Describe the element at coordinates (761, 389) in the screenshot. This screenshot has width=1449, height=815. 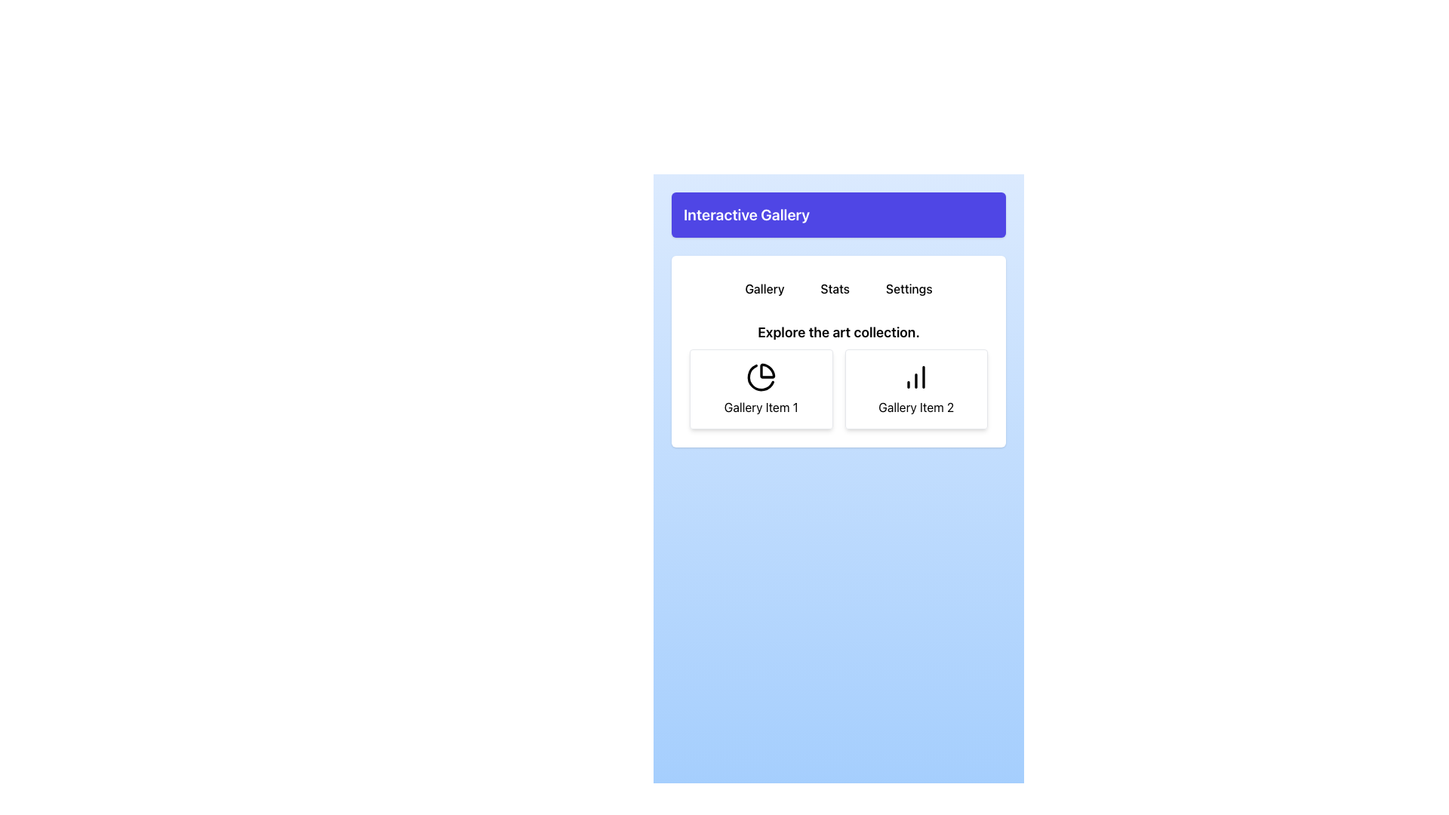
I see `the first card in the gallery labeled 'Gallery Item 1'` at that location.